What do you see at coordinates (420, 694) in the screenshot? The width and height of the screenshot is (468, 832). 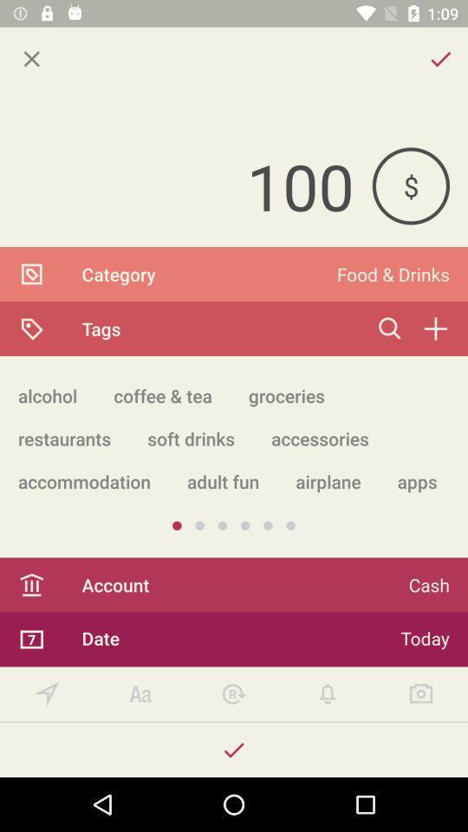 I see `take a picture` at bounding box center [420, 694].